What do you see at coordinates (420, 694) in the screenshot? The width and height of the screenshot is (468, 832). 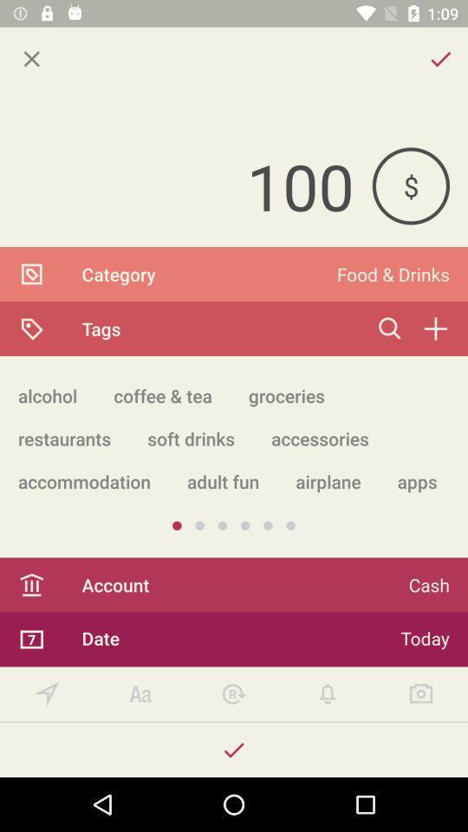 I see `take a picture` at bounding box center [420, 694].